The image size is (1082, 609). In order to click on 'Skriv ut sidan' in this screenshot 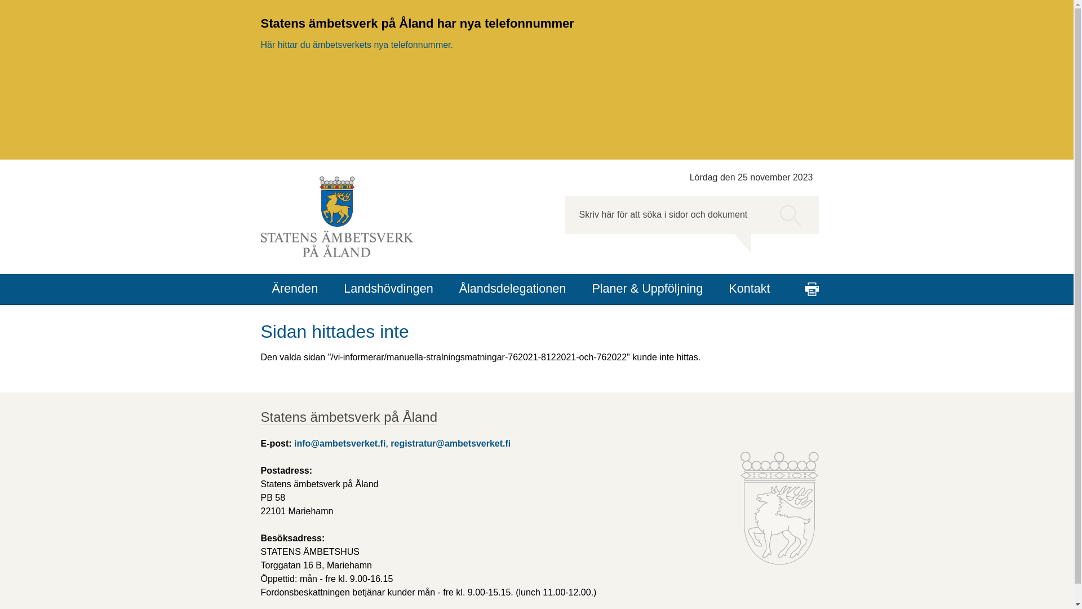, I will do `click(812, 289)`.